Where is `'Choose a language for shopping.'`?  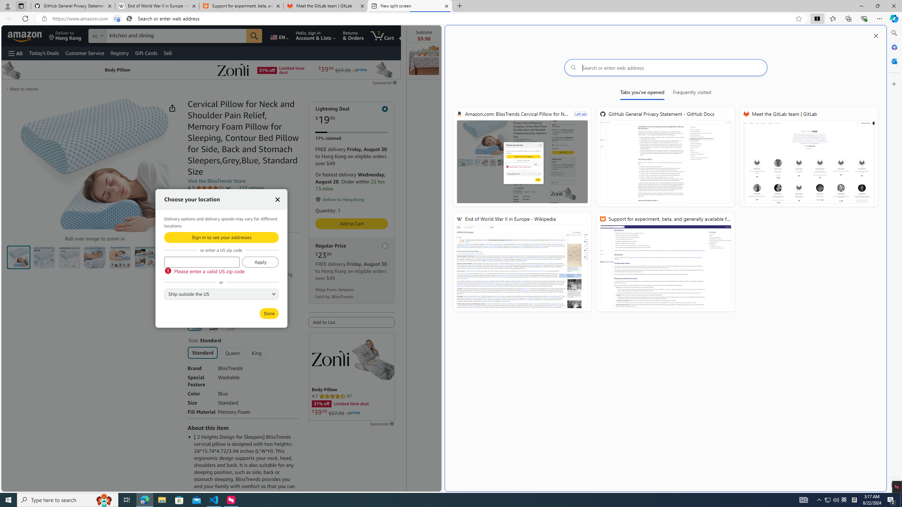 'Choose a language for shopping.' is located at coordinates (279, 35).